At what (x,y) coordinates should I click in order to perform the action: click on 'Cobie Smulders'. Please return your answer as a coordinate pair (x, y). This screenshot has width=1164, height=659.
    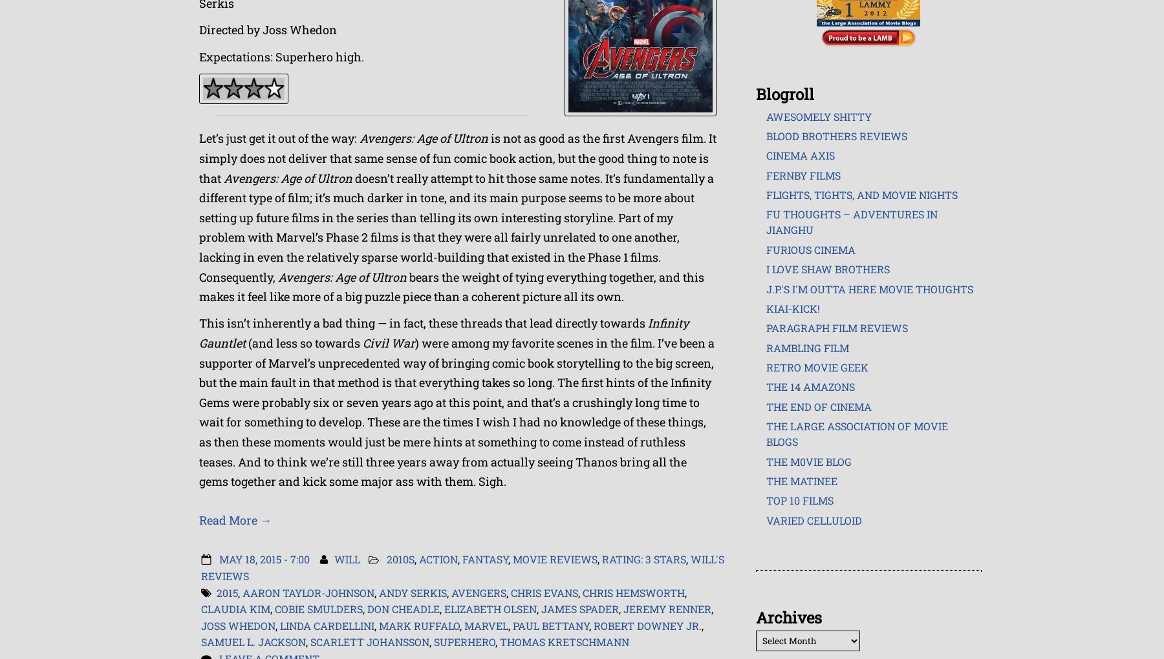
    Looking at the image, I should click on (318, 608).